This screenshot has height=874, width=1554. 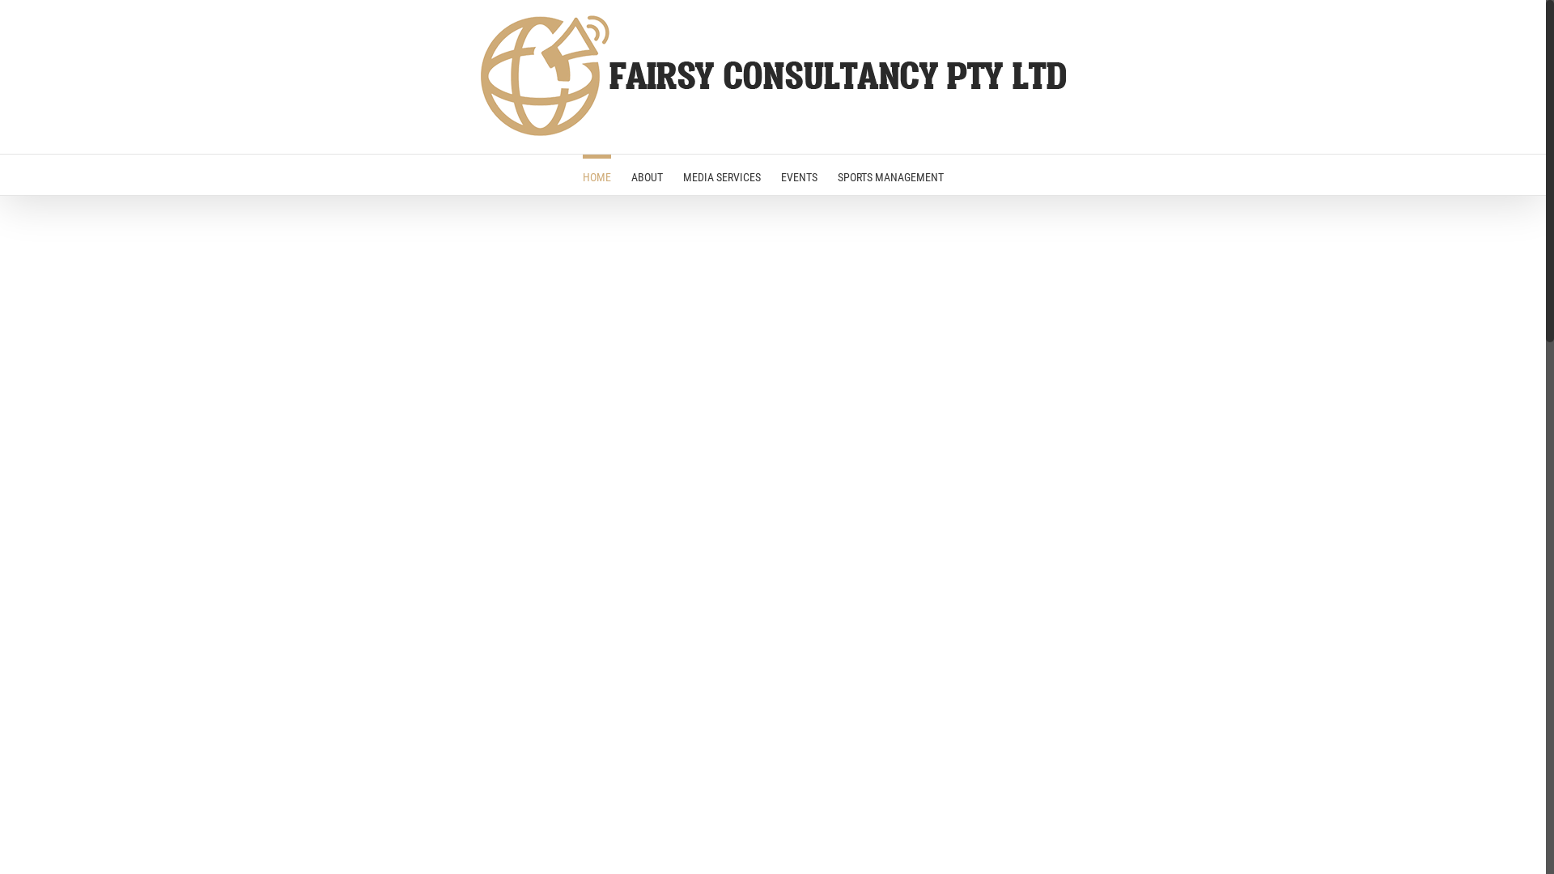 What do you see at coordinates (798, 175) in the screenshot?
I see `'EVENTS'` at bounding box center [798, 175].